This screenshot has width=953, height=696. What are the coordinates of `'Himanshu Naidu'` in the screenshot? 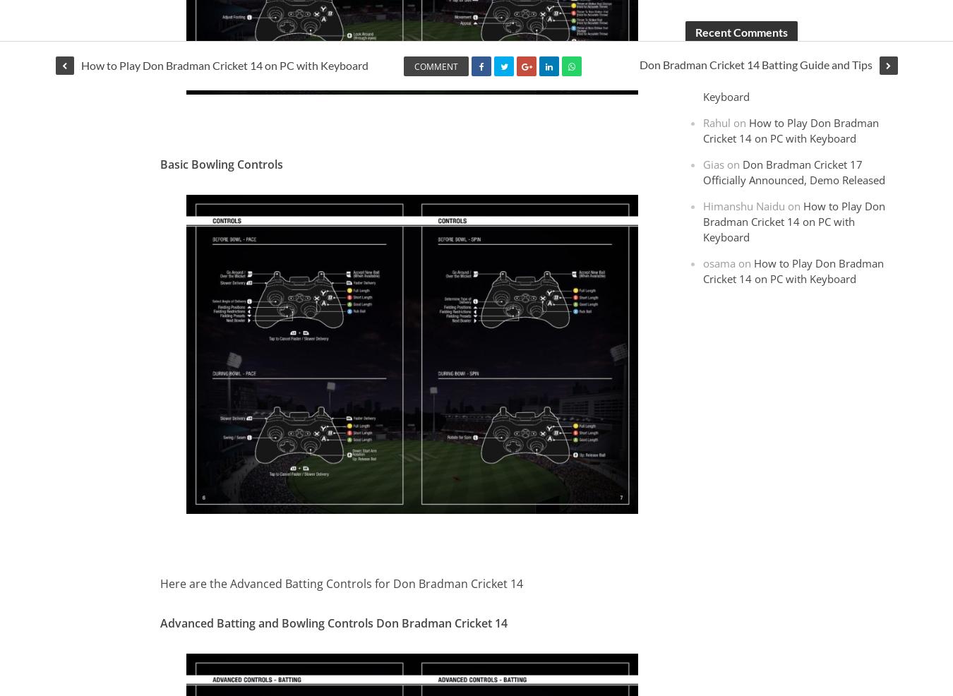 It's located at (743, 205).